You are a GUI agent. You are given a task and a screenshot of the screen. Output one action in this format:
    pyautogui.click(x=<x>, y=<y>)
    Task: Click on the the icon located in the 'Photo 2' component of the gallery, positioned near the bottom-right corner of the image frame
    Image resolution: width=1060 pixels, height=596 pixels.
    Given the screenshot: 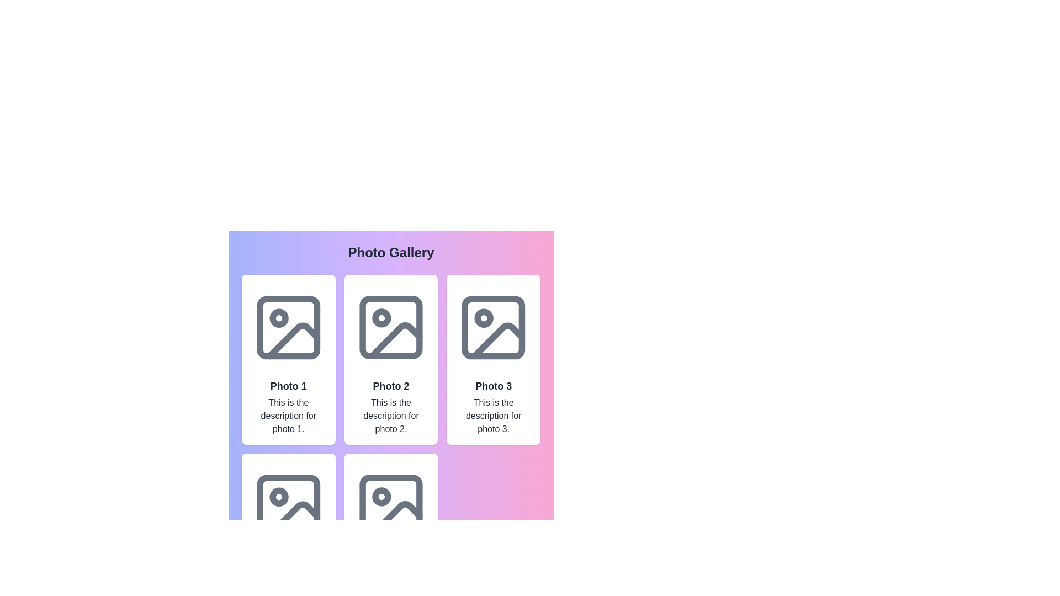 What is the action you would take?
    pyautogui.click(x=396, y=340)
    